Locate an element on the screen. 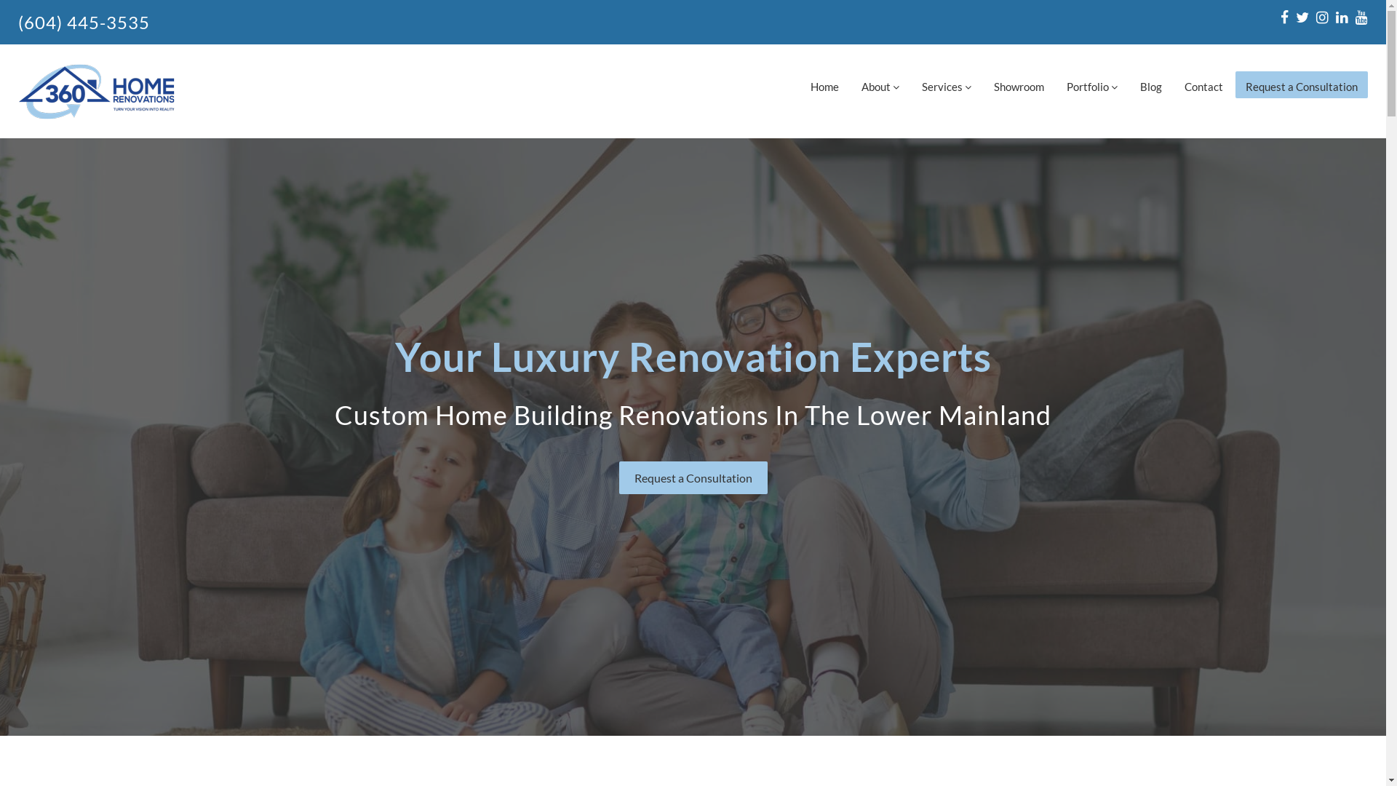 The width and height of the screenshot is (1397, 786). 'Request a Consultation' is located at coordinates (691, 477).